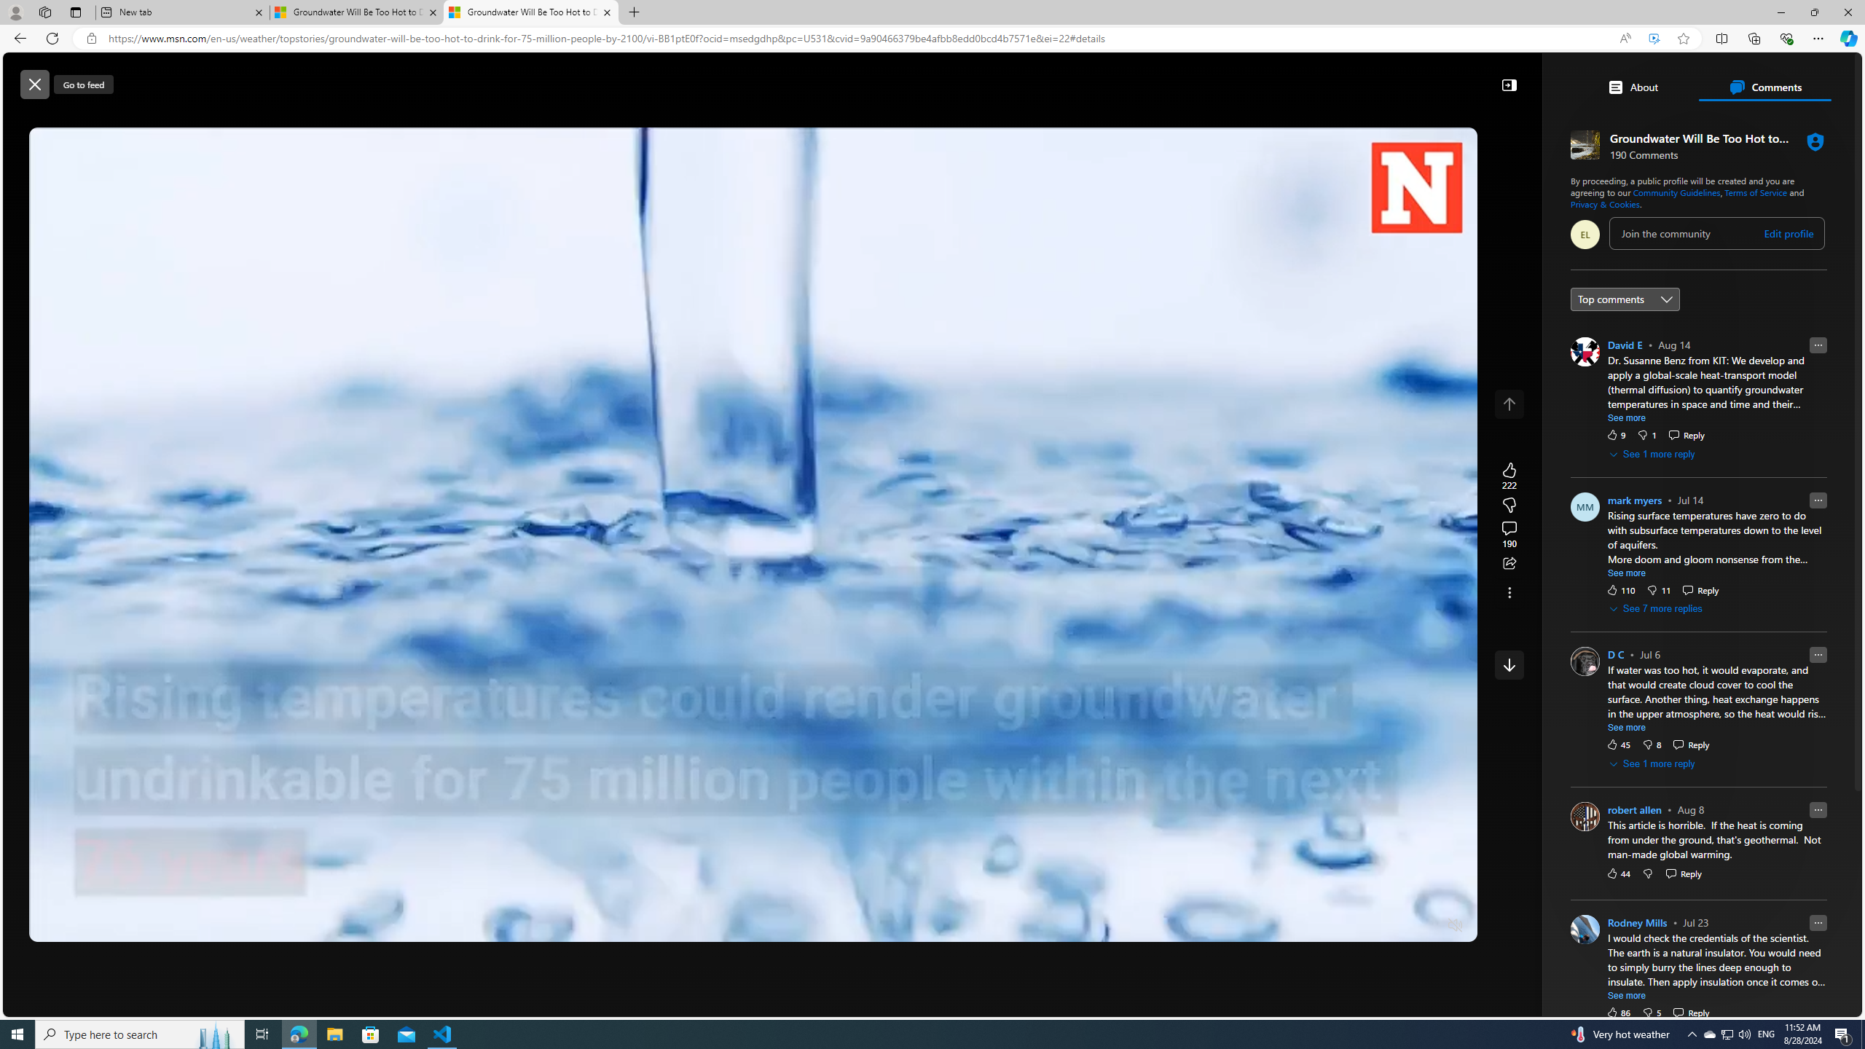 This screenshot has height=1049, width=1865. What do you see at coordinates (1690, 1013) in the screenshot?
I see `'Reply Reply Comment'` at bounding box center [1690, 1013].